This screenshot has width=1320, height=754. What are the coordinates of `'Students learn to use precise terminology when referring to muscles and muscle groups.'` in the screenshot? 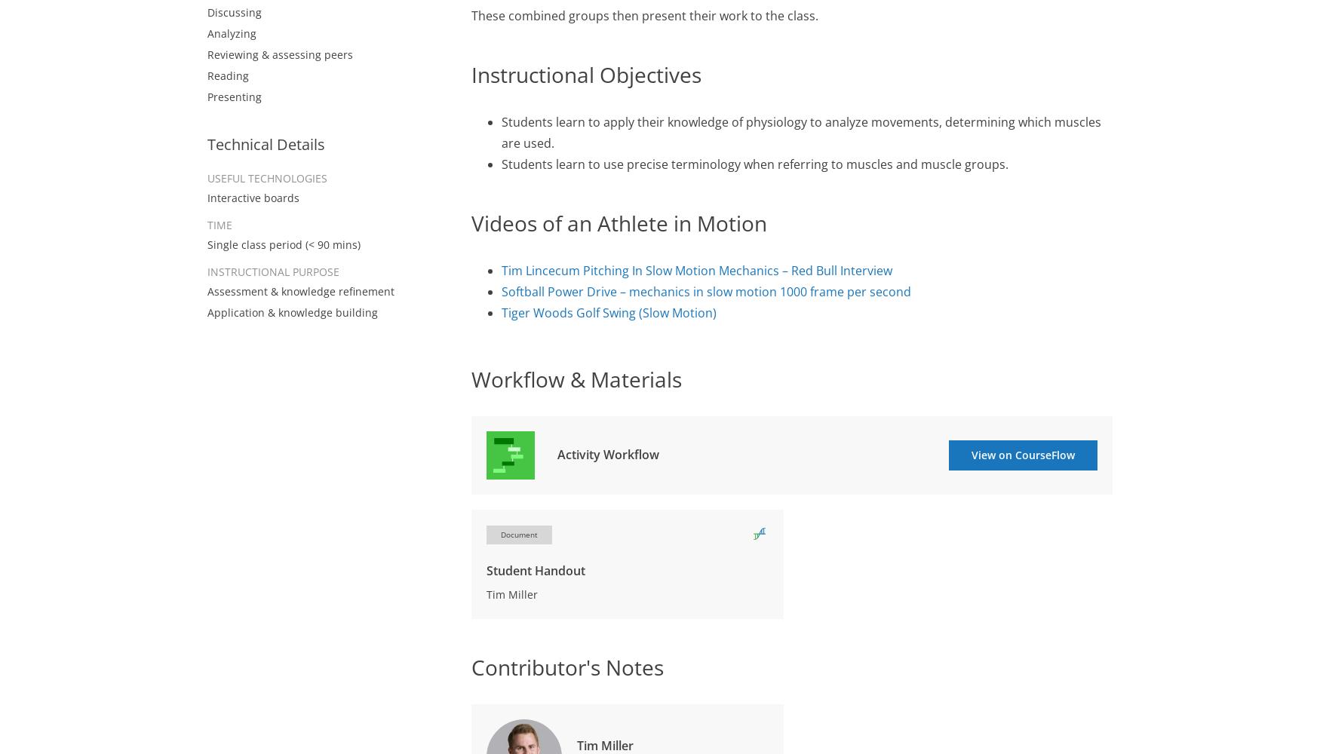 It's located at (754, 164).